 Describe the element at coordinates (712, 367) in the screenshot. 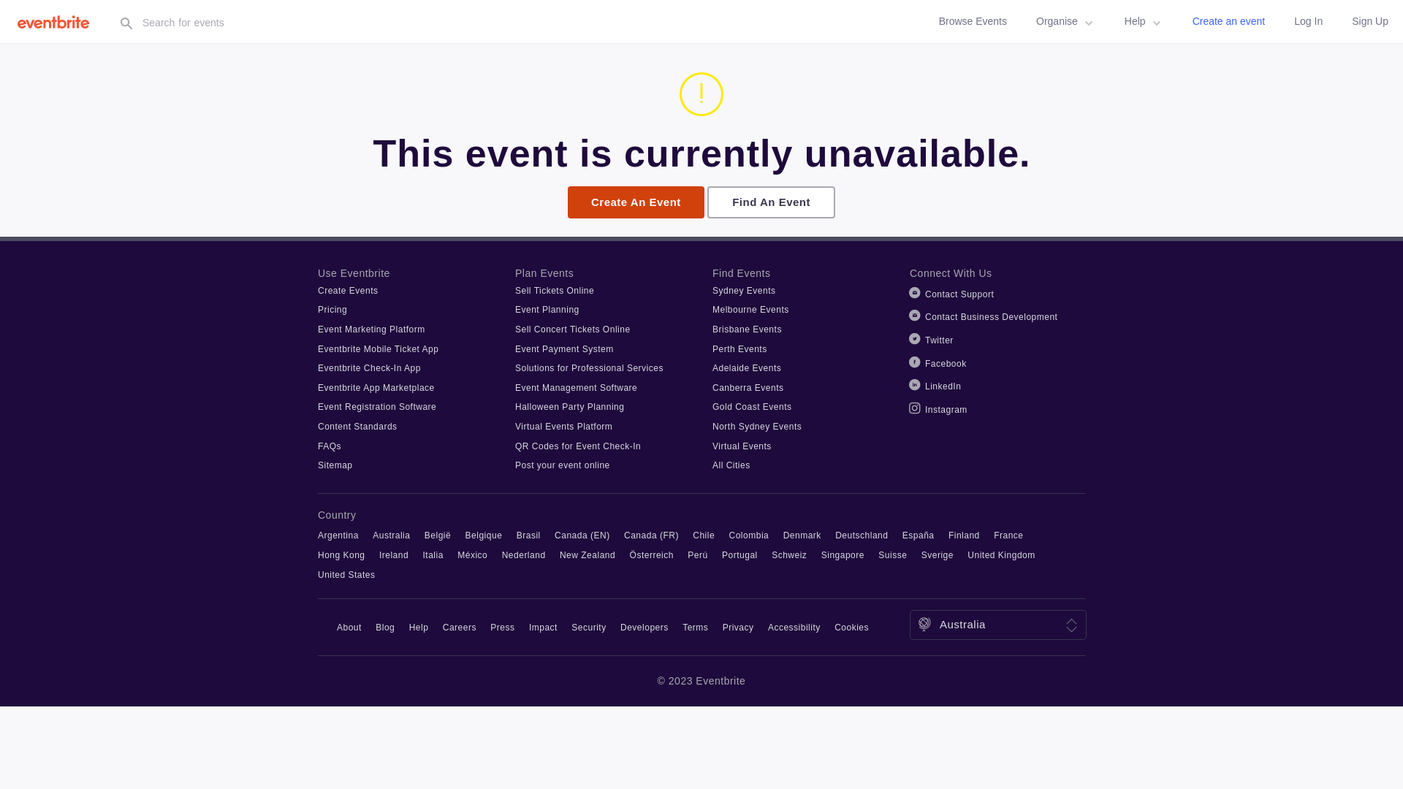

I see `'Adelaide Events'` at that location.